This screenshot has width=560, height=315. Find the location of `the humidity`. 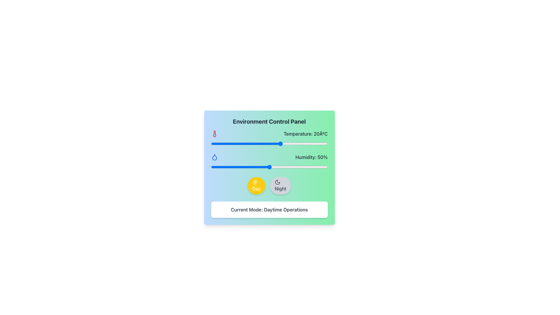

the humidity is located at coordinates (240, 167).